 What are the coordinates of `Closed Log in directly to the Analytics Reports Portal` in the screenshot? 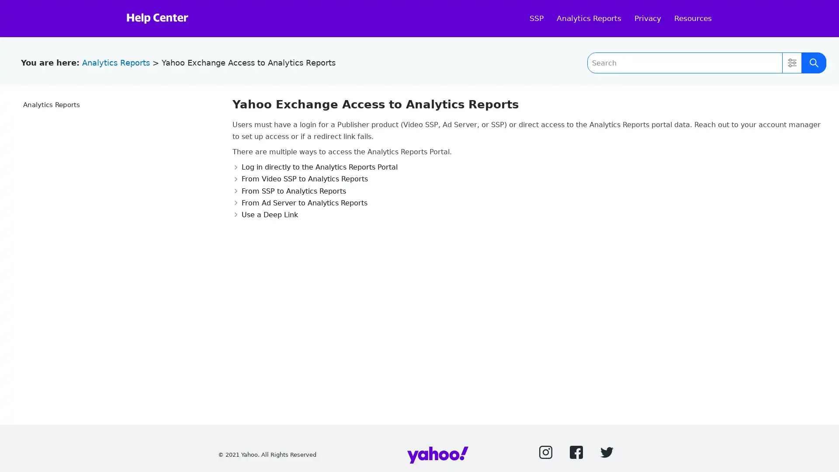 It's located at (315, 167).